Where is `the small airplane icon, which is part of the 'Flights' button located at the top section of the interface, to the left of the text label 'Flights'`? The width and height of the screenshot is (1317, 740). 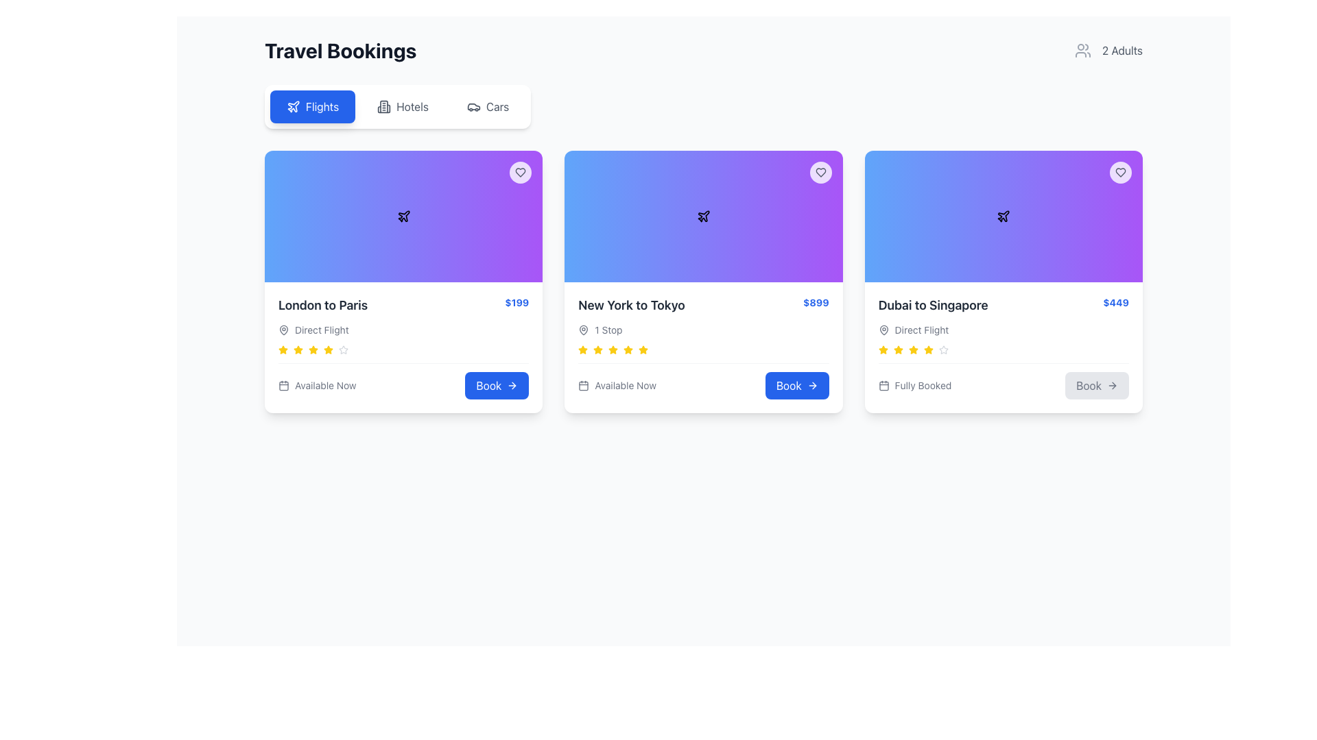
the small airplane icon, which is part of the 'Flights' button located at the top section of the interface, to the left of the text label 'Flights' is located at coordinates (292, 106).